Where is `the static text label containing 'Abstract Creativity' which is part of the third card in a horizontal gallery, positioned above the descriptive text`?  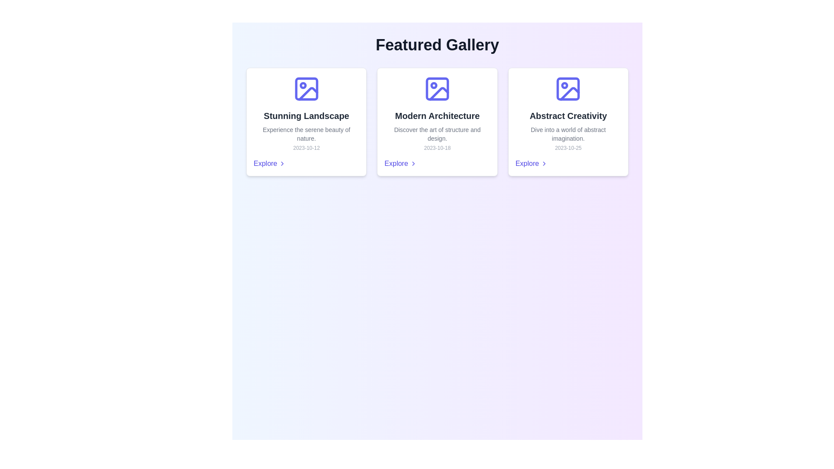 the static text label containing 'Abstract Creativity' which is part of the third card in a horizontal gallery, positioned above the descriptive text is located at coordinates (568, 115).